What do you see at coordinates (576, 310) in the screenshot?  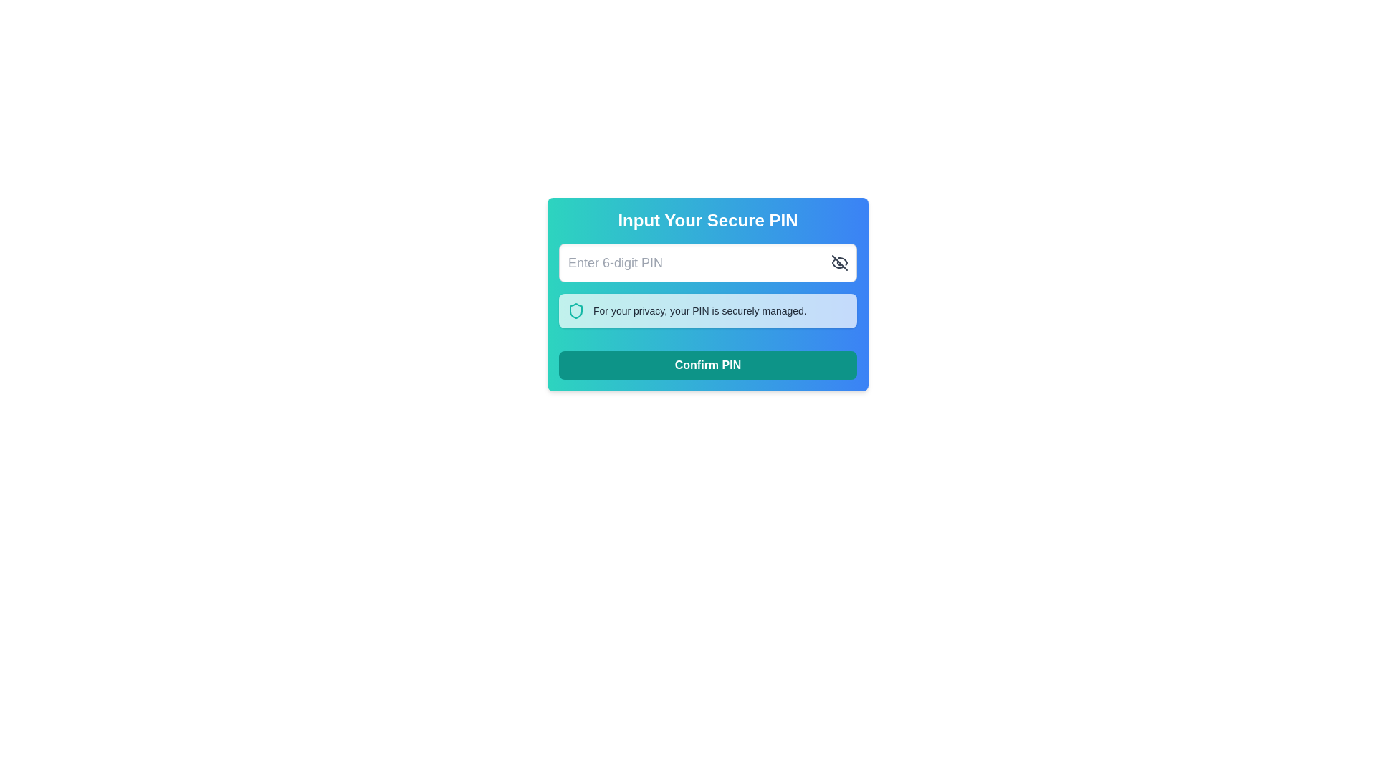 I see `the shield icon that represents security, located adjacent to the text 'For your privacy, your PIN is securely managed.'` at bounding box center [576, 310].